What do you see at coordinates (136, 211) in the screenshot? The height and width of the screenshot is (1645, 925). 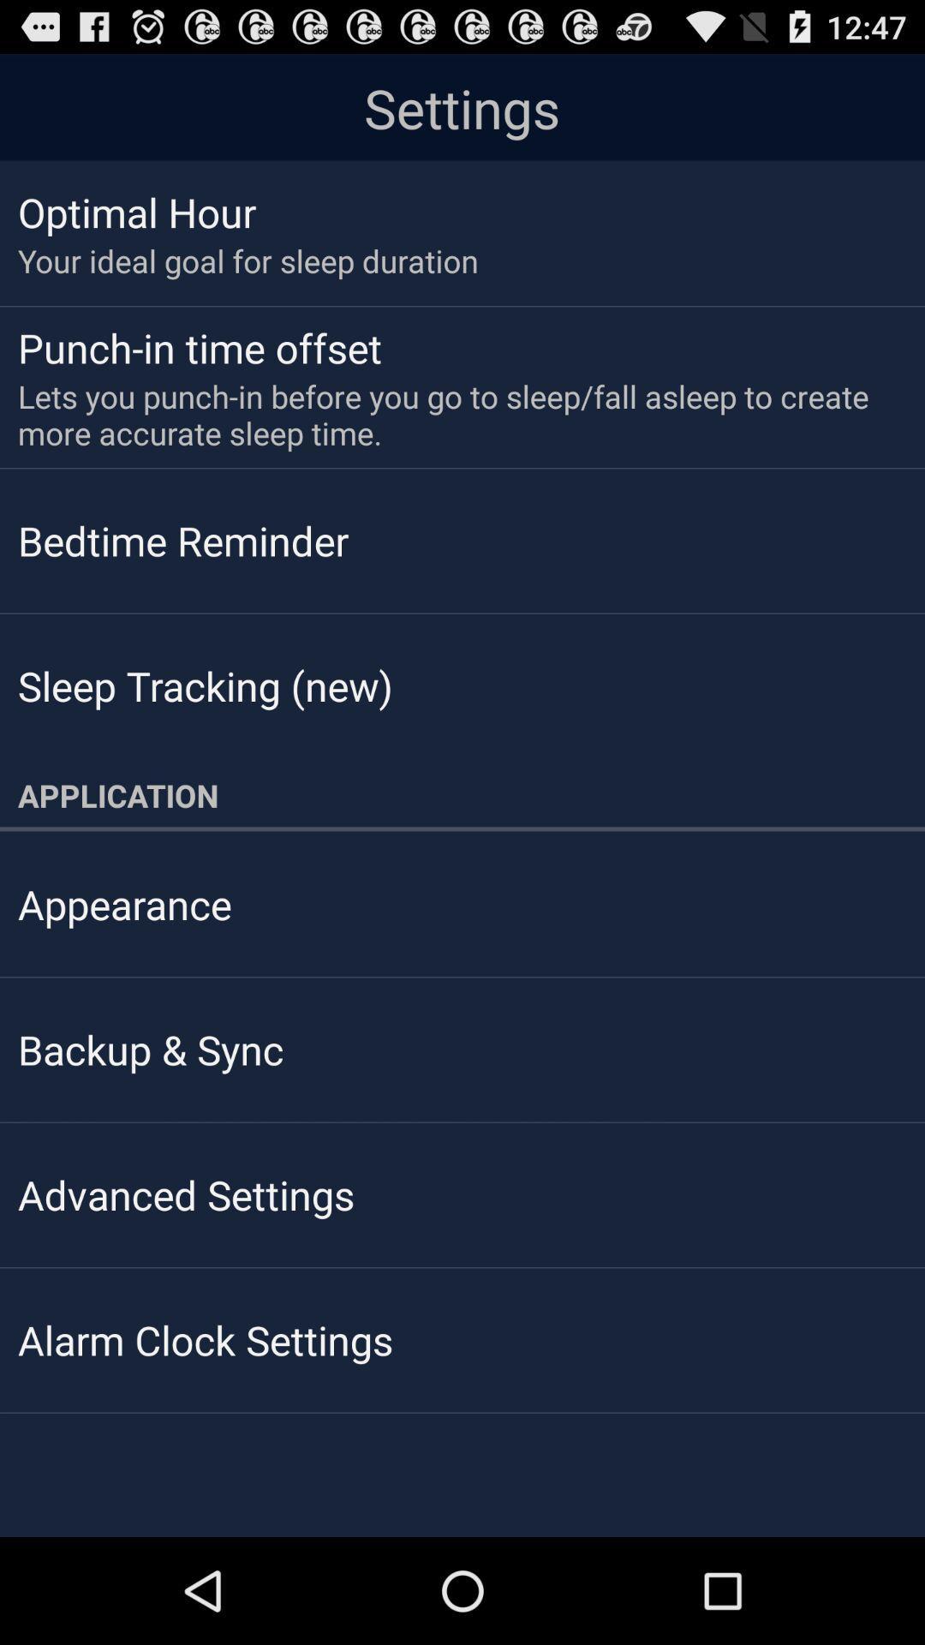 I see `the optimal hour` at bounding box center [136, 211].